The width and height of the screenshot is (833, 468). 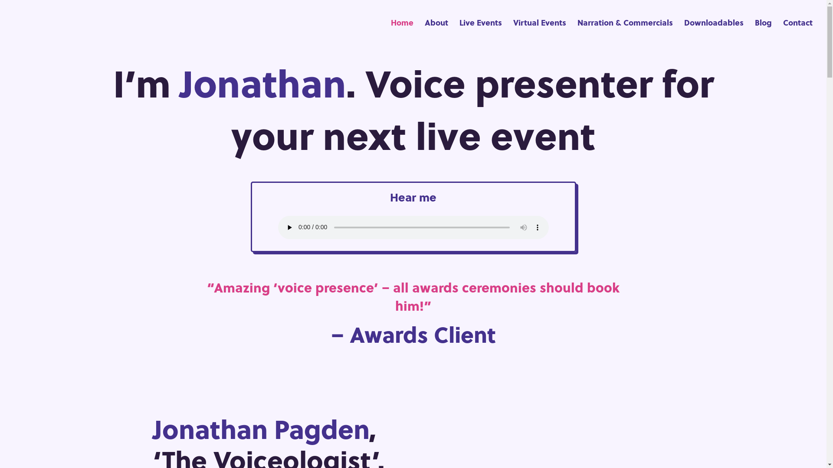 I want to click on 'Blog', so click(x=763, y=32).